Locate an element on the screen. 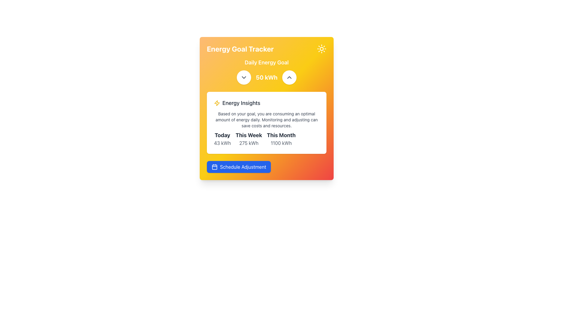  the schedule adjustment button located at the bottom of the 'Energy Goal Tracker' card is located at coordinates (266, 167).